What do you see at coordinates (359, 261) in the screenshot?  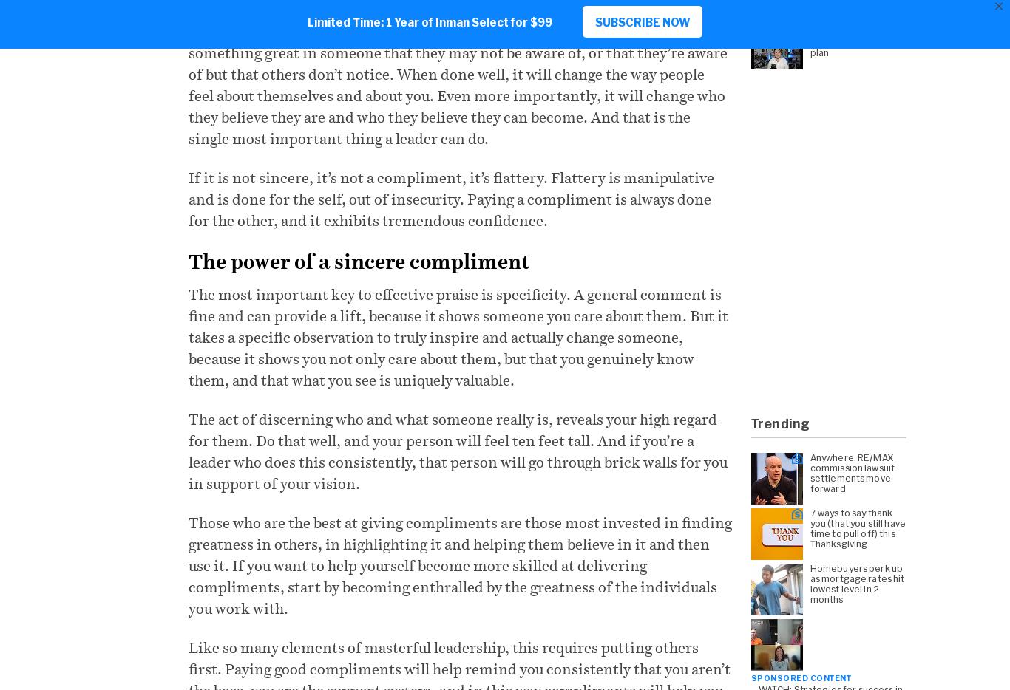 I see `'The power of a sincere compliment'` at bounding box center [359, 261].